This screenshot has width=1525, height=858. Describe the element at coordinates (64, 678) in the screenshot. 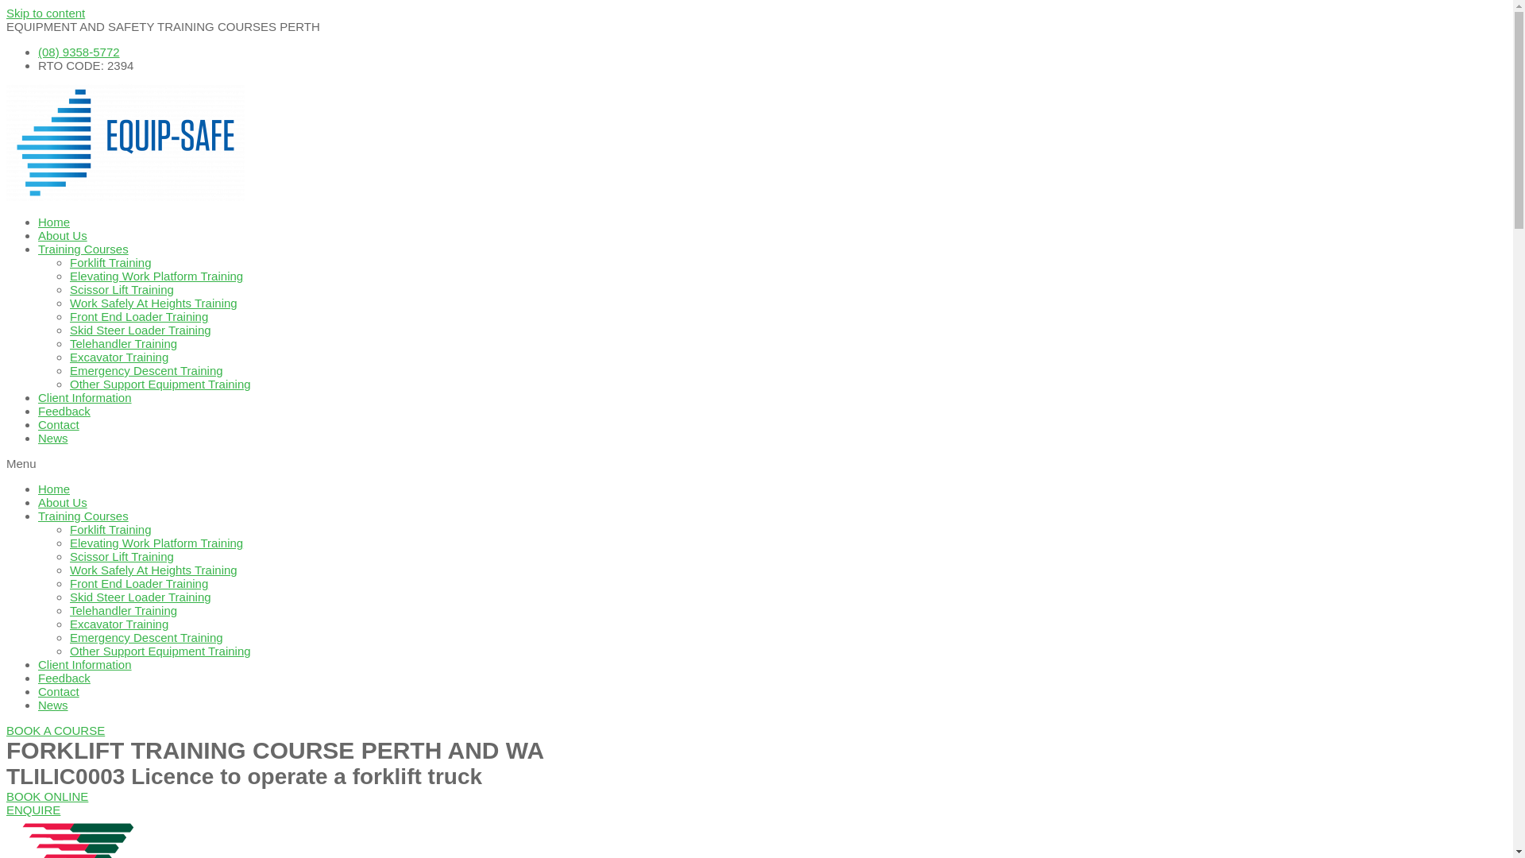

I see `'Feedback'` at that location.